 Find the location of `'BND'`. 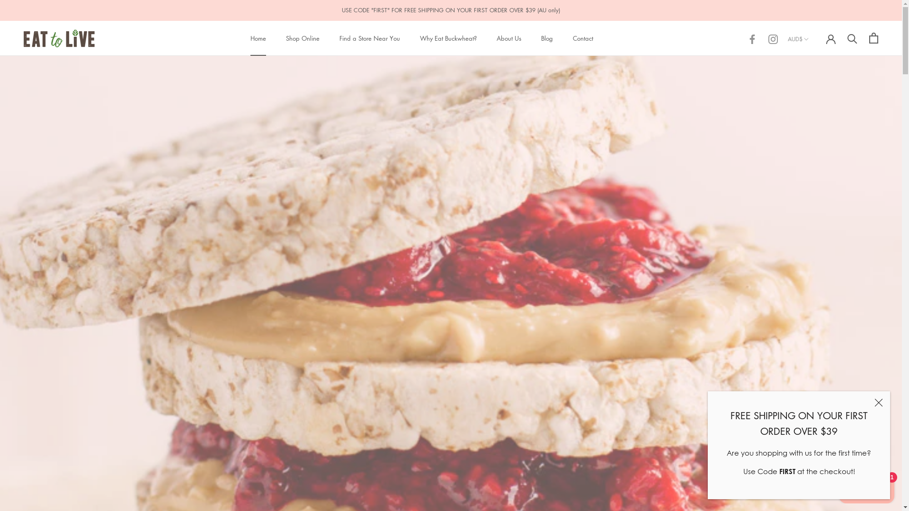

'BND' is located at coordinates (788, 243).